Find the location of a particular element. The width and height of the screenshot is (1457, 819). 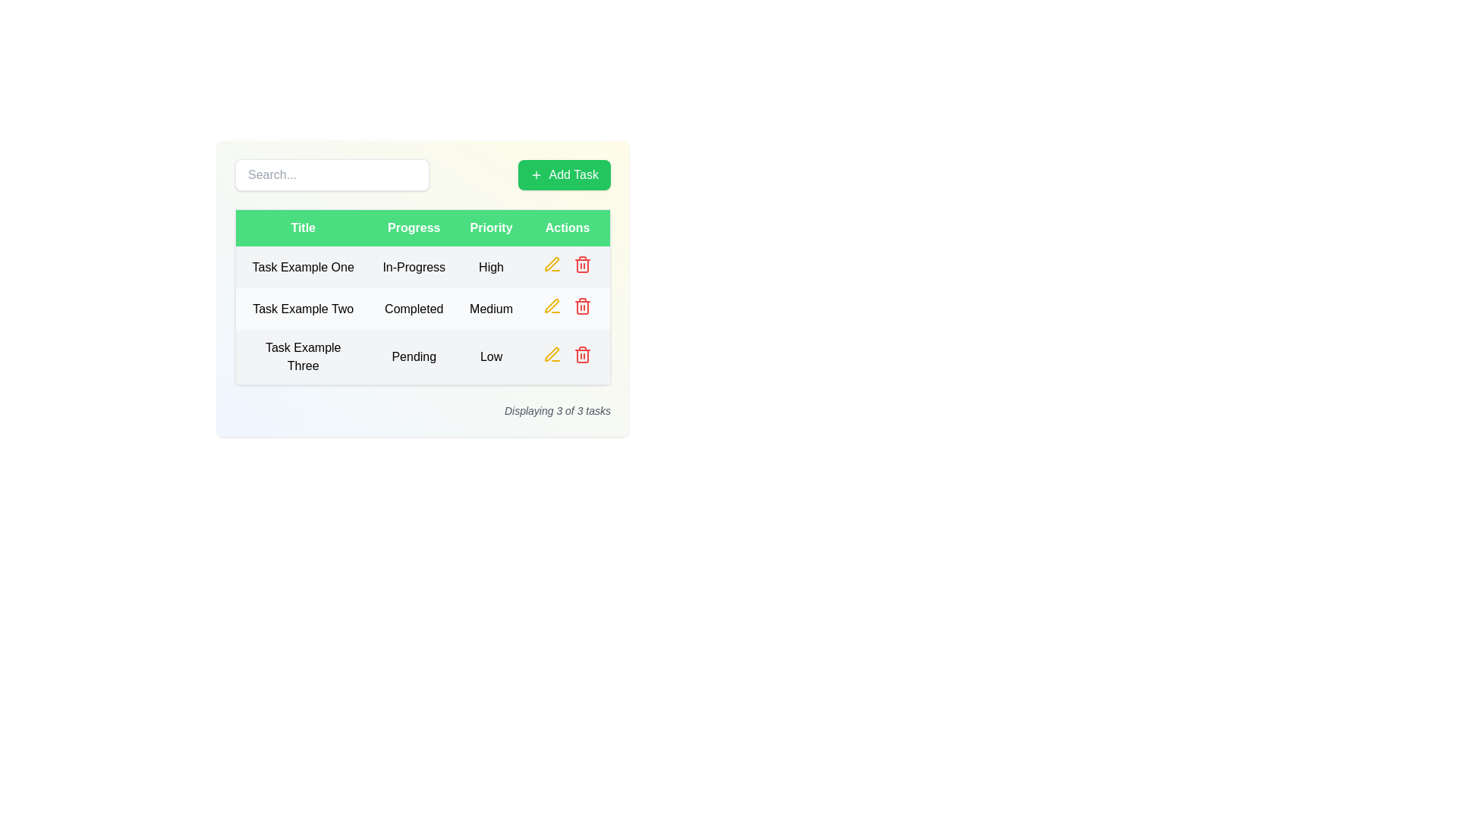

the text label displaying 'Task Example Three' is located at coordinates (303, 357).